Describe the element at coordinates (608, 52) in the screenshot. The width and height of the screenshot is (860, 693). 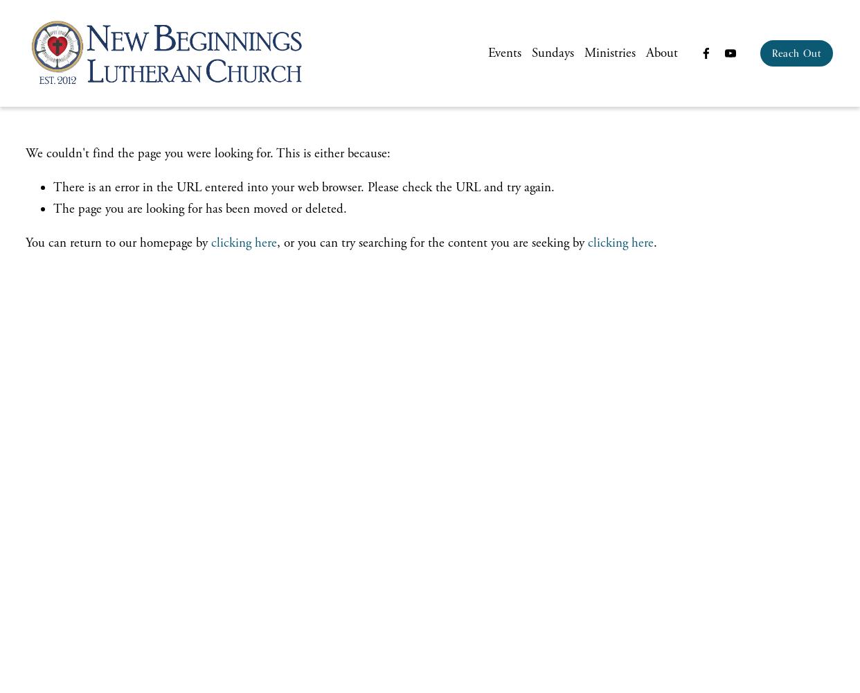
I see `'Ministries'` at that location.